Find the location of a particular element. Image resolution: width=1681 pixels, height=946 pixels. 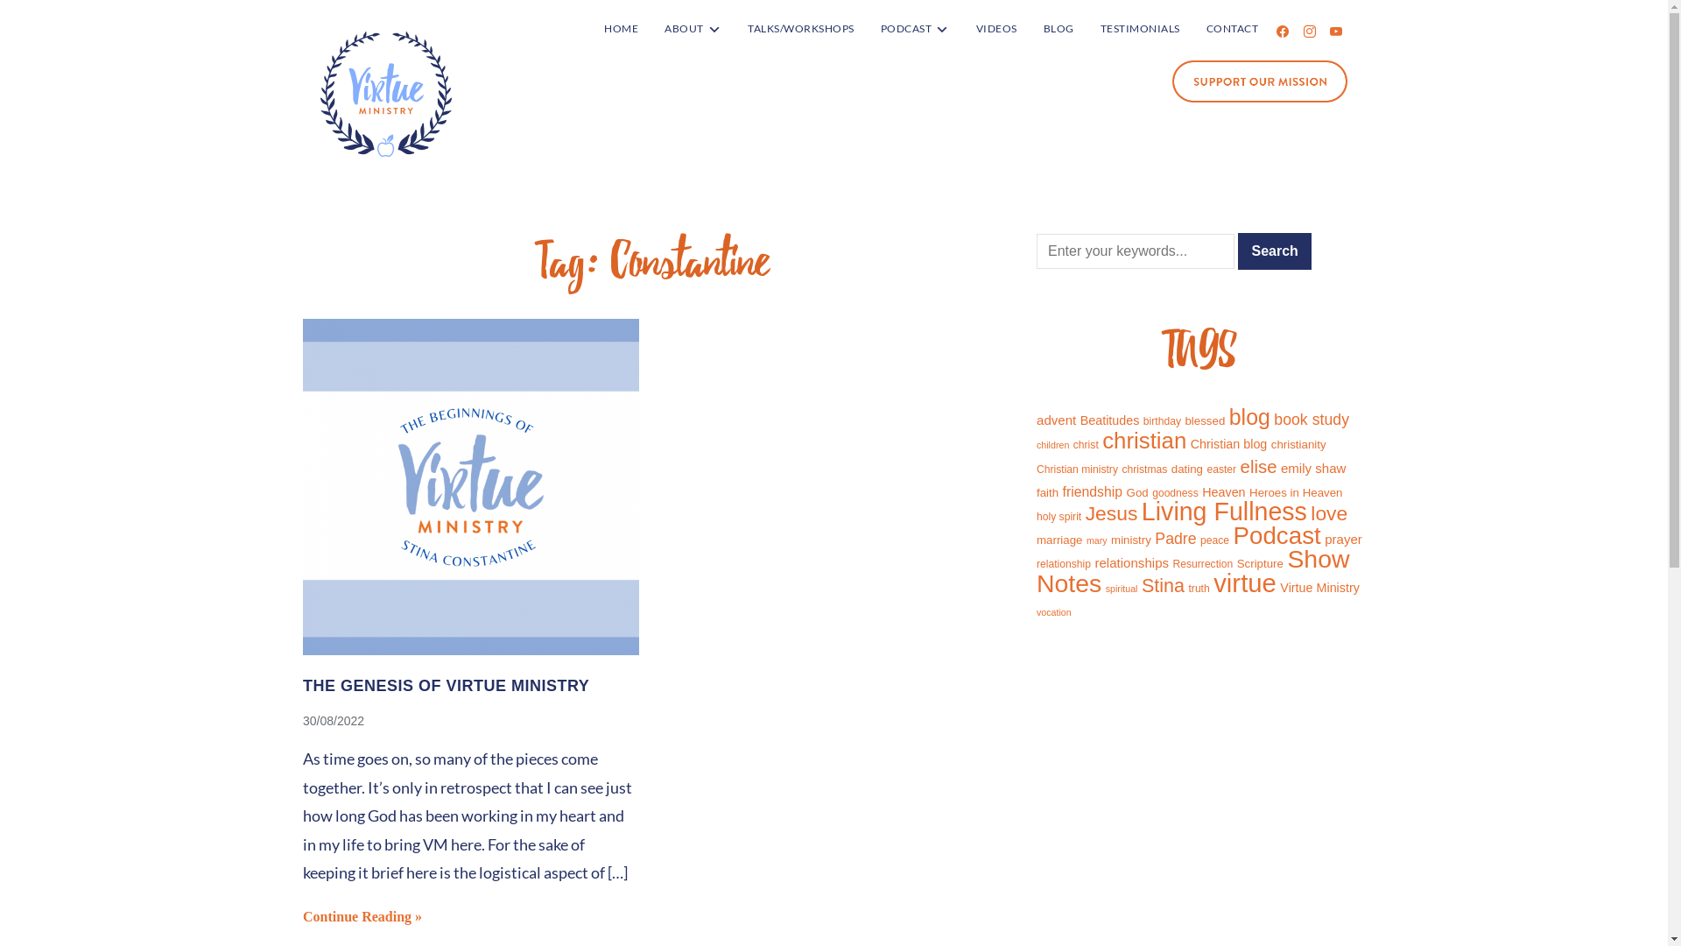

'VIDEOS' is located at coordinates (995, 29).